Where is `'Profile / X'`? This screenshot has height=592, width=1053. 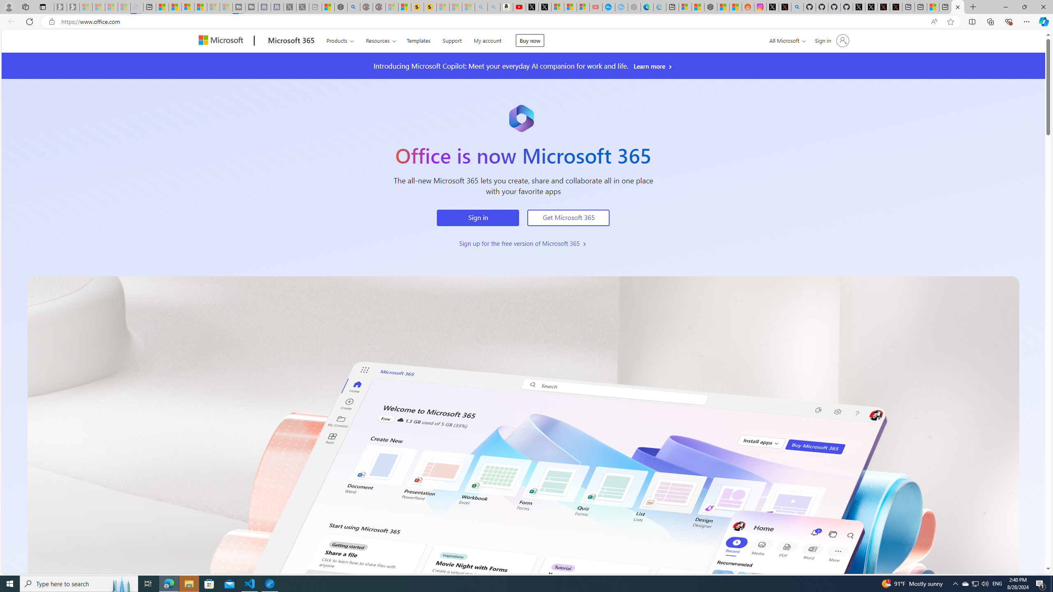 'Profile / X' is located at coordinates (858, 7).